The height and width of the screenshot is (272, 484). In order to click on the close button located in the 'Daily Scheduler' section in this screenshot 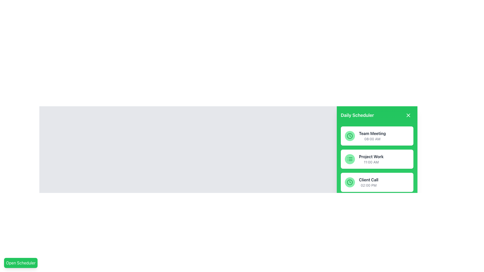, I will do `click(408, 115)`.